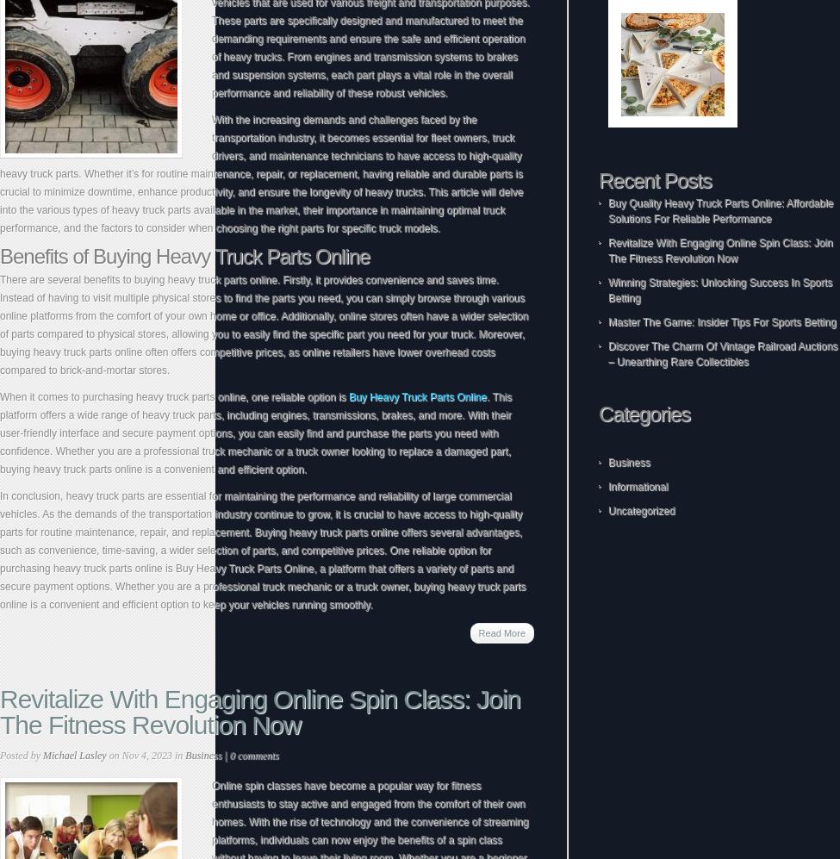 Image resolution: width=840 pixels, height=859 pixels. I want to click on 'Posted  by', so click(21, 754).